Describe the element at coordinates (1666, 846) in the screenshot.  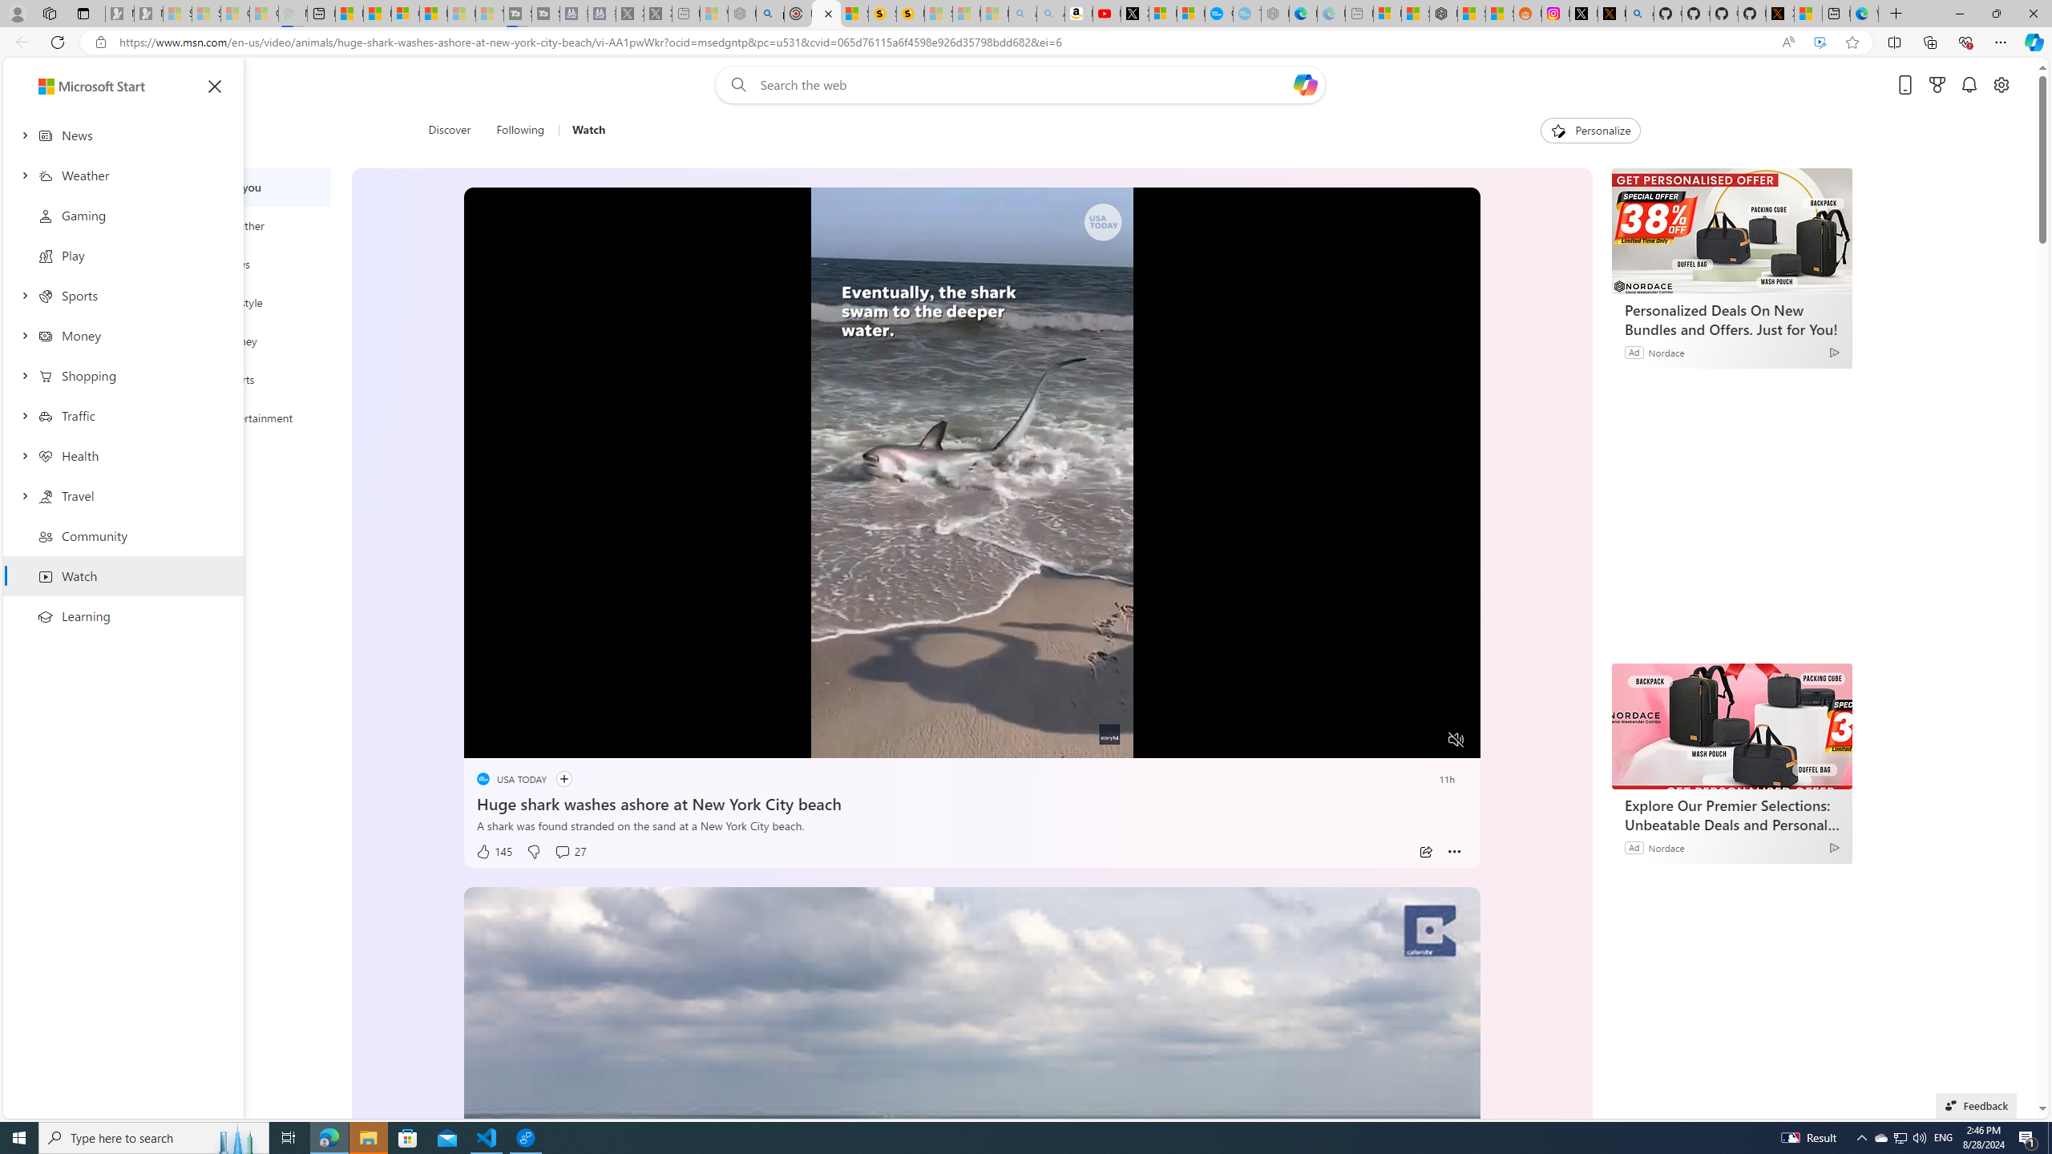
I see `'Nordace'` at that location.